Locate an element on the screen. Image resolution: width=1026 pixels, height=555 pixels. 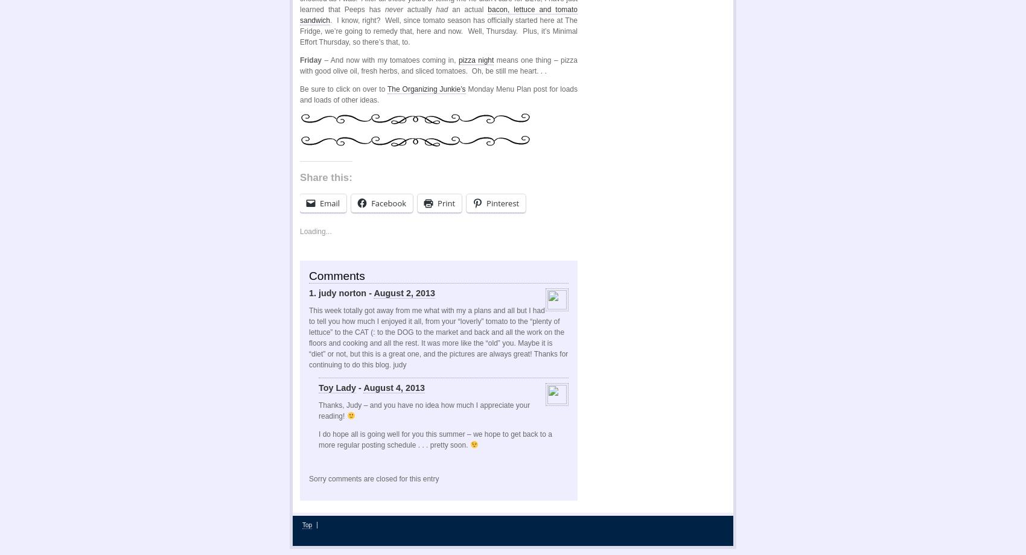
'an actual' is located at coordinates (448, 10).